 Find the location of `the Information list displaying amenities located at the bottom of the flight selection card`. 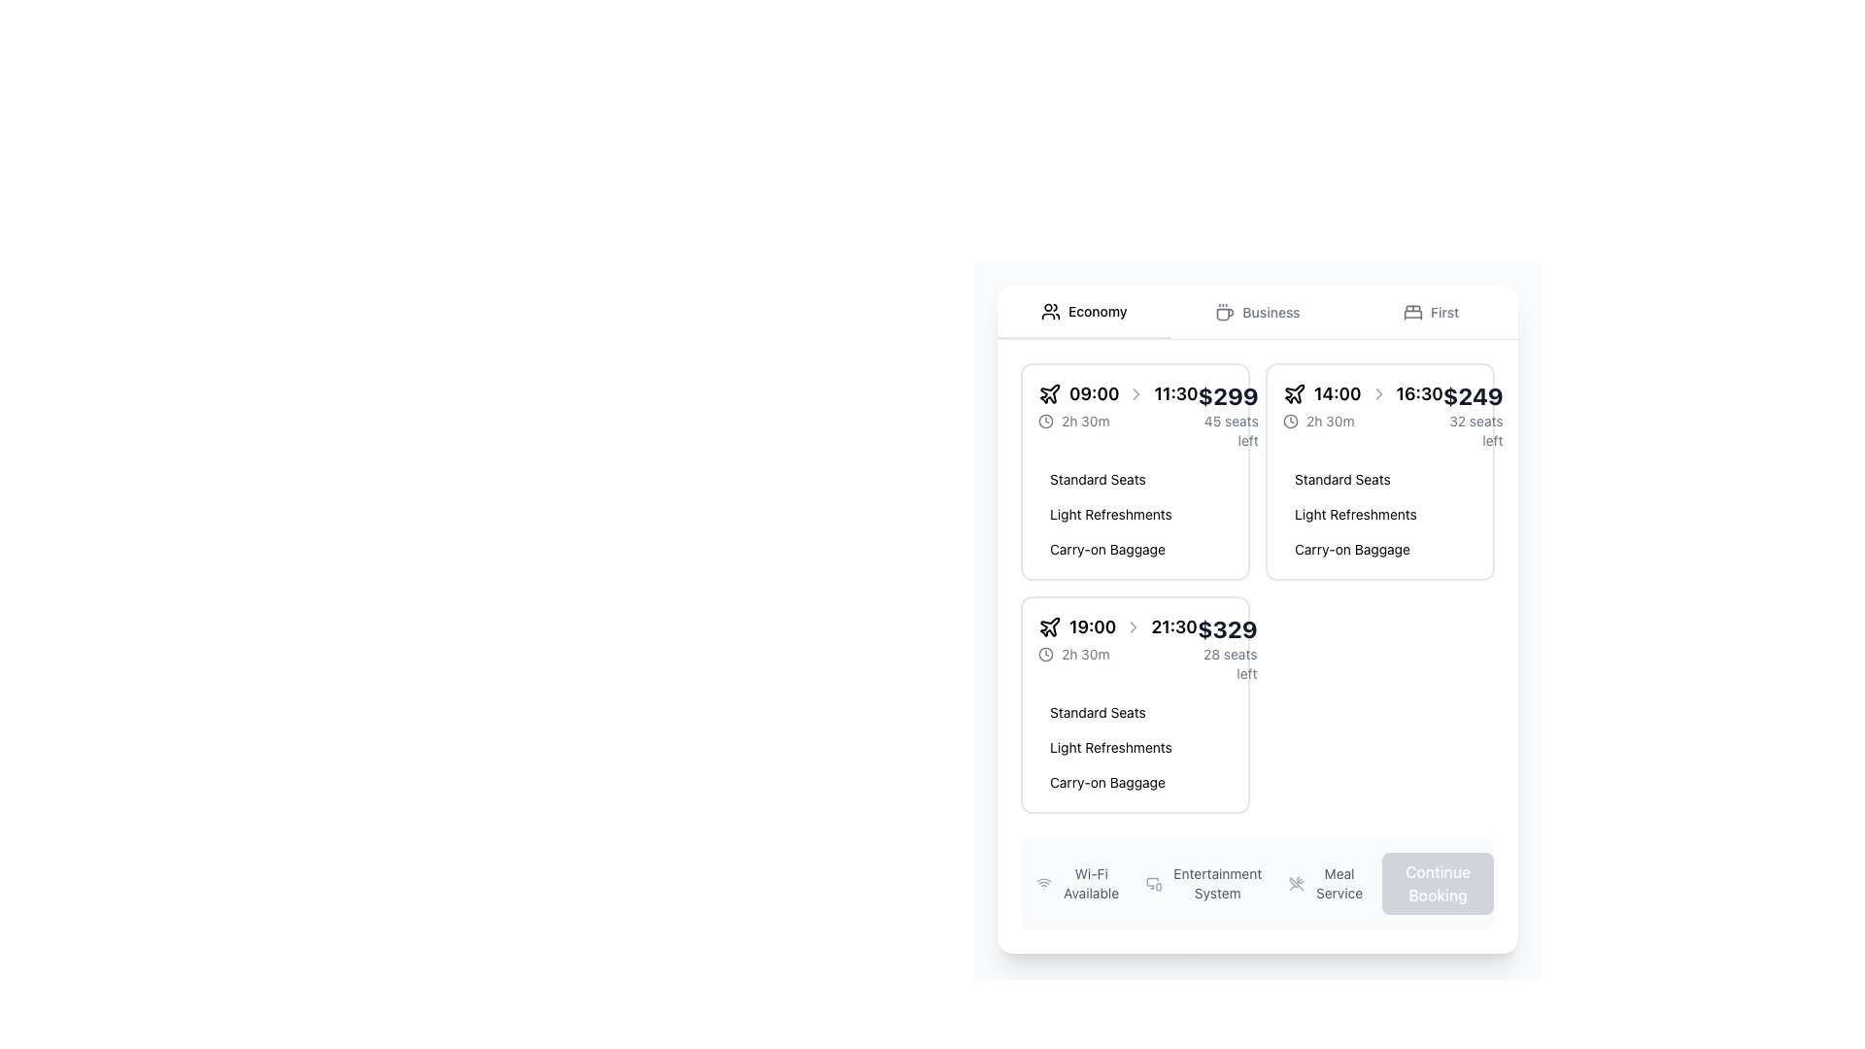

the Information list displaying amenities located at the bottom of the flight selection card is located at coordinates (1136, 513).